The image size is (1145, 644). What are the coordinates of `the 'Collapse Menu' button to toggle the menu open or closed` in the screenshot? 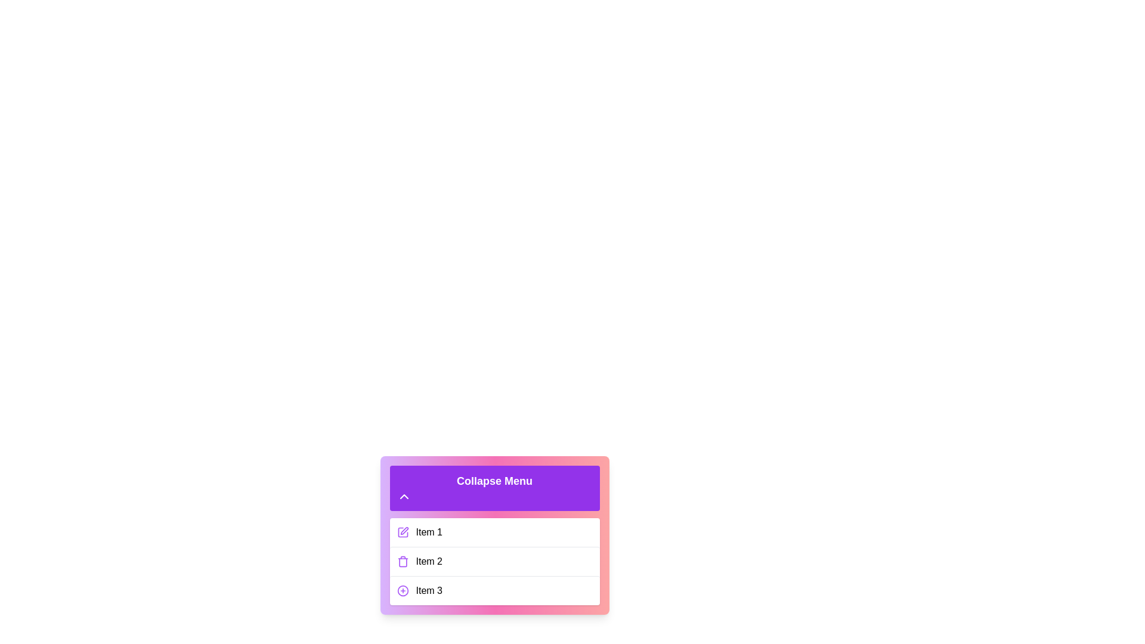 It's located at (494, 488).